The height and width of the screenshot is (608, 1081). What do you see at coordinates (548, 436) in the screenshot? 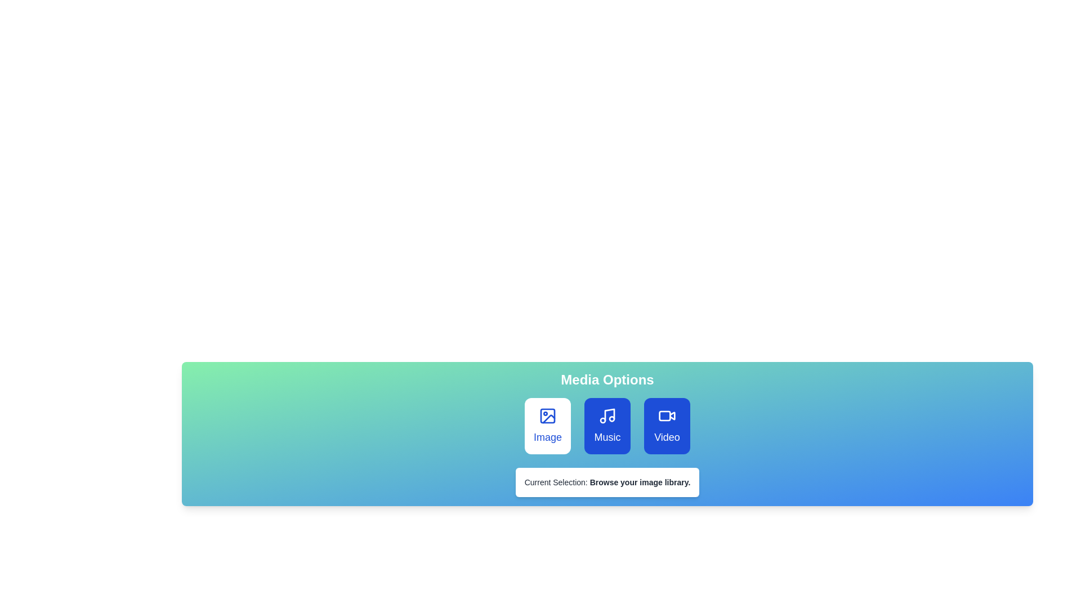
I see `the label text 'Image' that serves as a textual label for a button grouping in a media selection interface` at bounding box center [548, 436].